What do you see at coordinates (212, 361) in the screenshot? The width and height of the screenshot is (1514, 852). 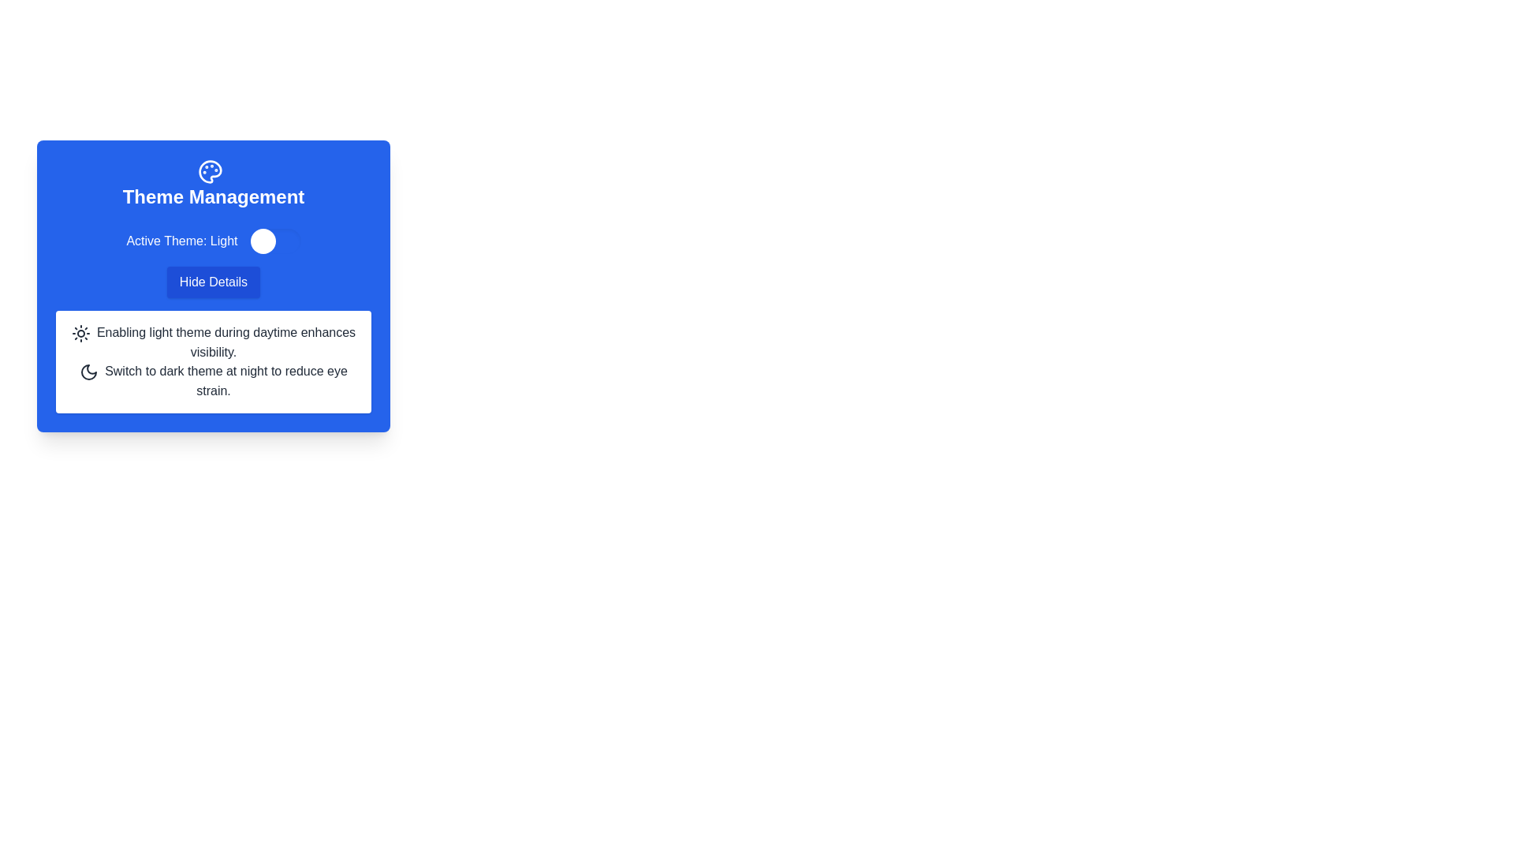 I see `text in the informational panel that provides guidance on the advantages of using light and dark themes in different lighting conditions` at bounding box center [212, 361].